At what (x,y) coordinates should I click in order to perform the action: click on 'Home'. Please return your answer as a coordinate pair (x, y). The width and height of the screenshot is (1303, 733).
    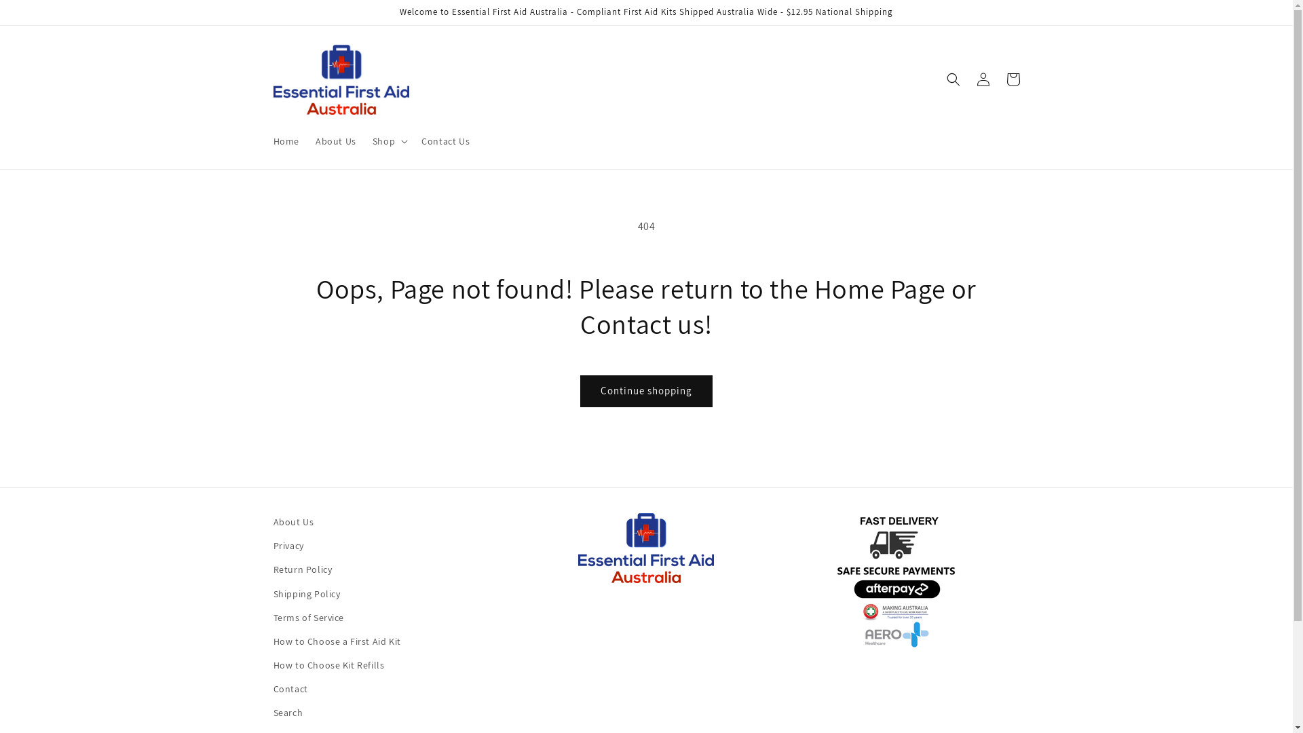
    Looking at the image, I should click on (264, 141).